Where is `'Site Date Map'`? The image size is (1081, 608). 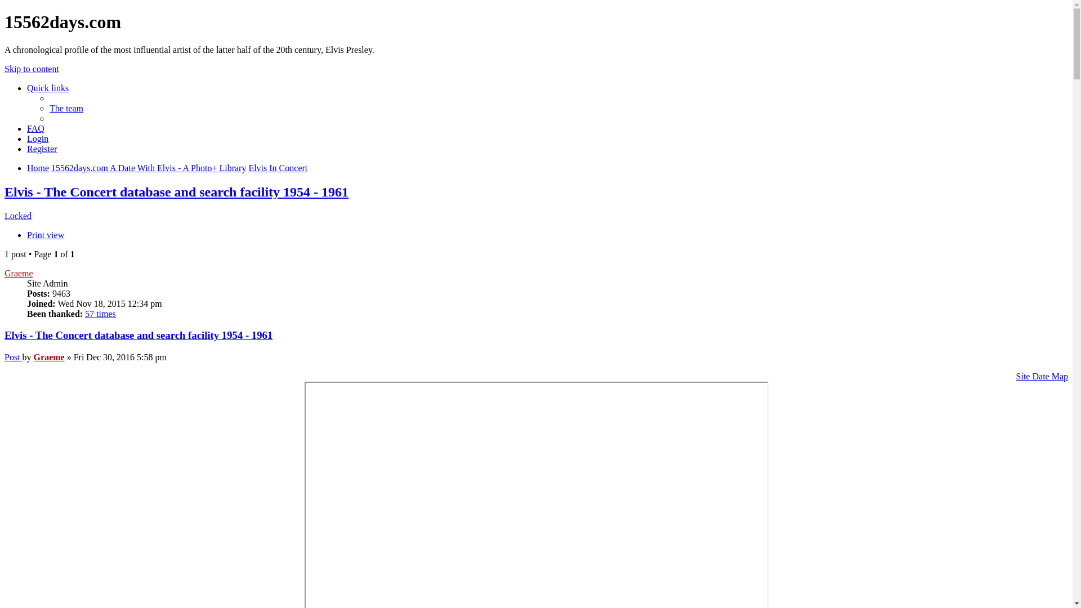
'Site Date Map' is located at coordinates (1016, 376).